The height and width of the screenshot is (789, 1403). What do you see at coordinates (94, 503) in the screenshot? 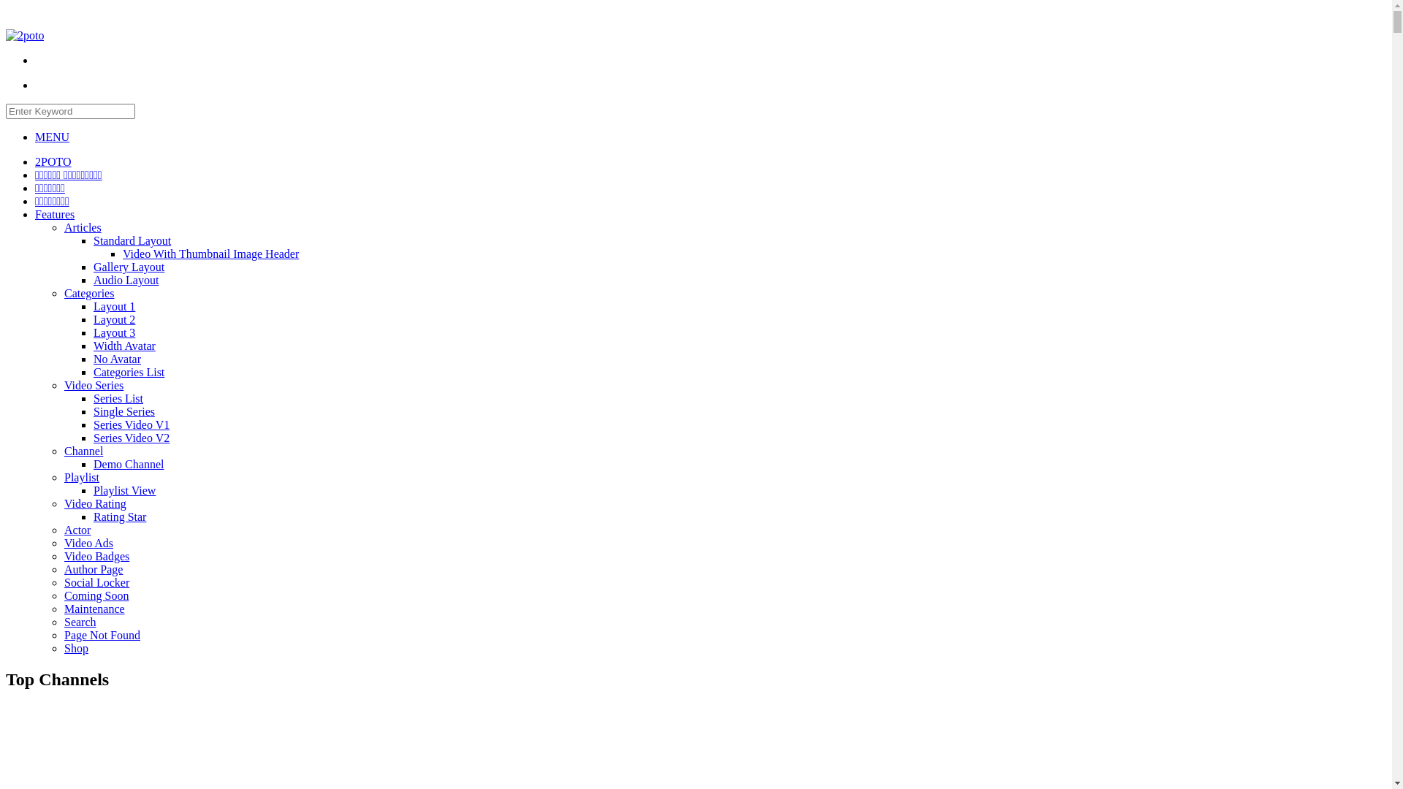
I see `'Video Rating'` at bounding box center [94, 503].